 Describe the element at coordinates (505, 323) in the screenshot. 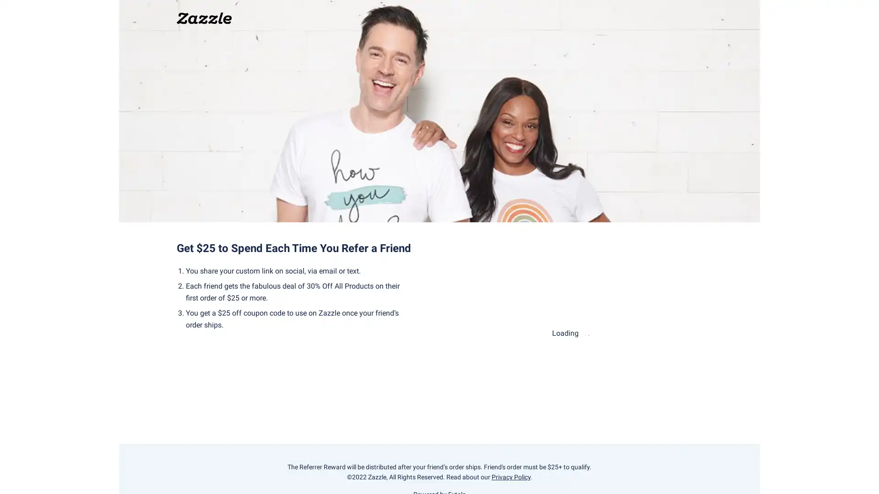

I see `email` at that location.